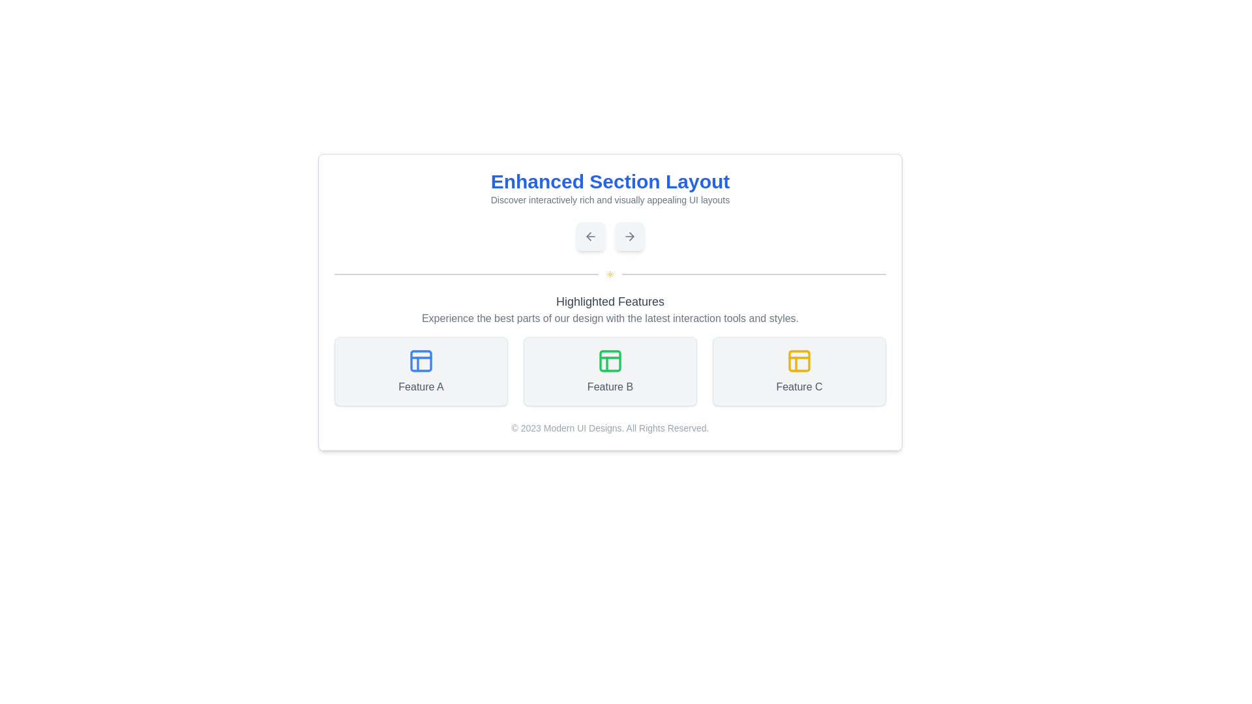 Image resolution: width=1252 pixels, height=704 pixels. I want to click on the label that serves as a description for the middle box among 'Feature A', 'Feature B', and 'Feature C', so click(610, 387).